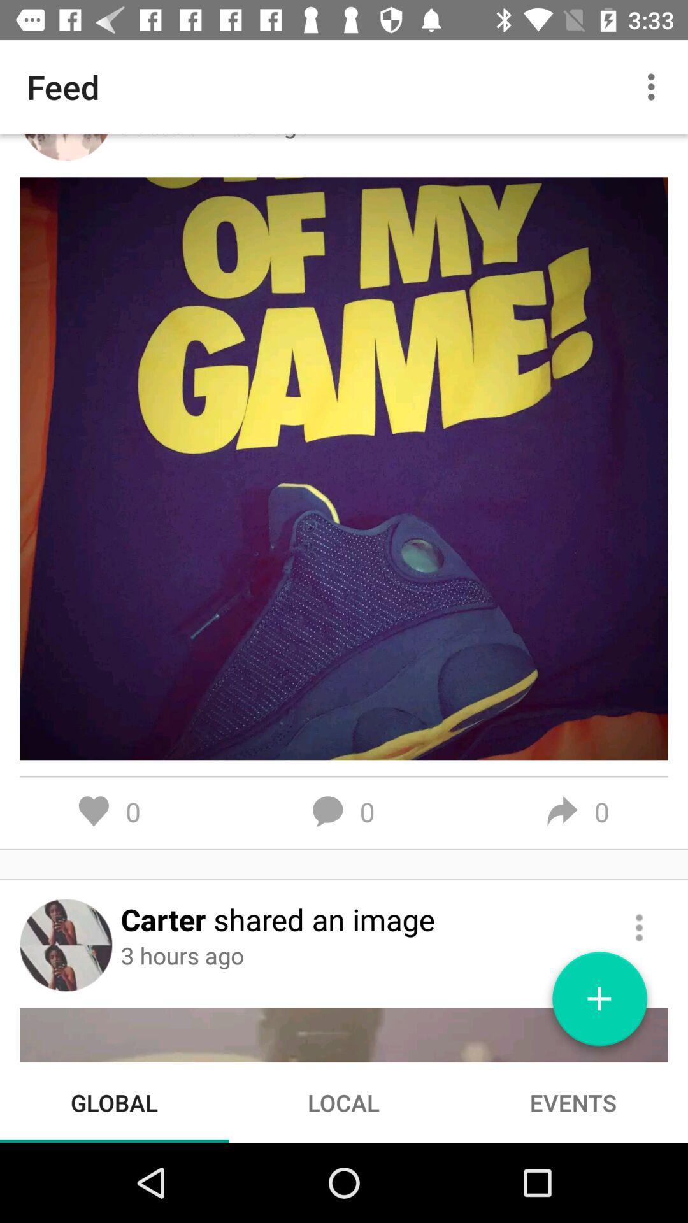 This screenshot has width=688, height=1223. What do you see at coordinates (639, 927) in the screenshot?
I see `share image` at bounding box center [639, 927].